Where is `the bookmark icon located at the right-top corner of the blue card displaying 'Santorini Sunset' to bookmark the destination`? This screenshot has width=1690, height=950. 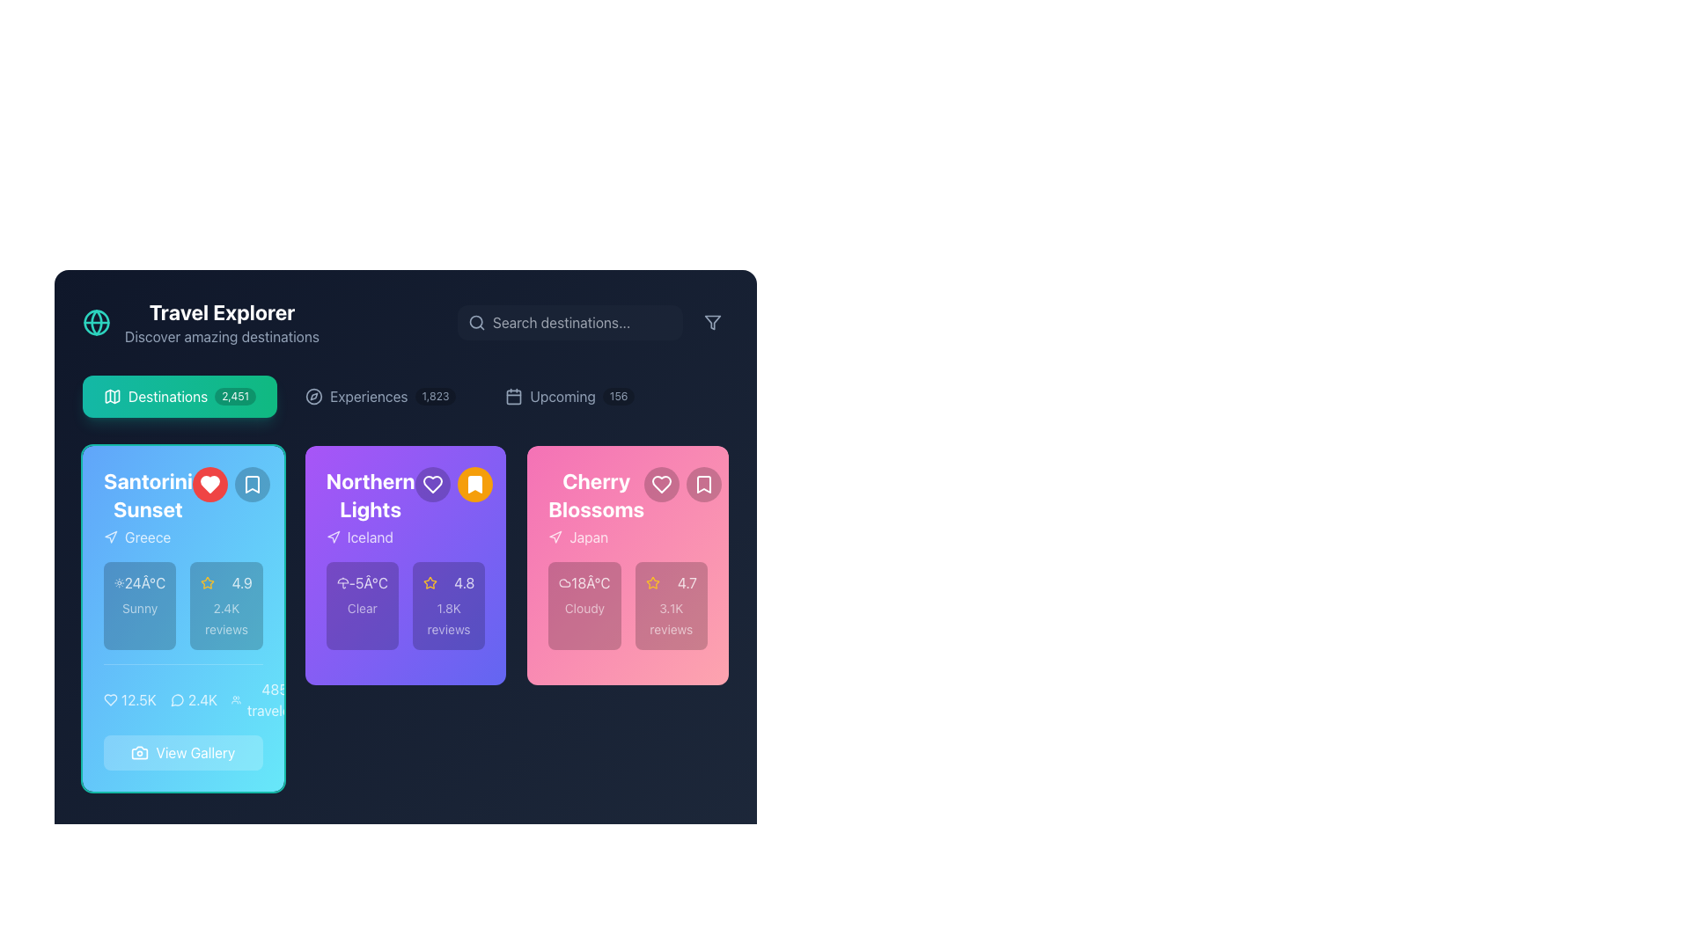
the bookmark icon located at the right-top corner of the blue card displaying 'Santorini Sunset' to bookmark the destination is located at coordinates (251, 485).